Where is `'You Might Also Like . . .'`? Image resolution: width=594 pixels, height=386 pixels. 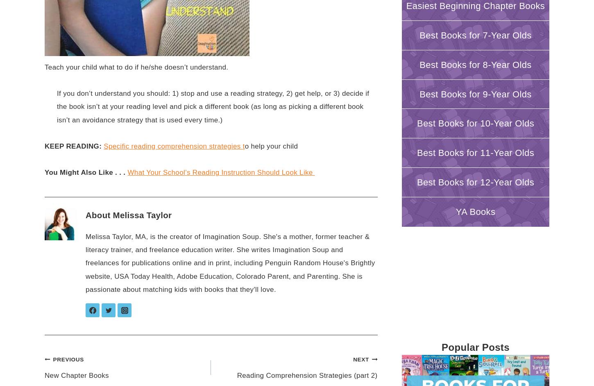
'You Might Also Like . . .' is located at coordinates (84, 172).